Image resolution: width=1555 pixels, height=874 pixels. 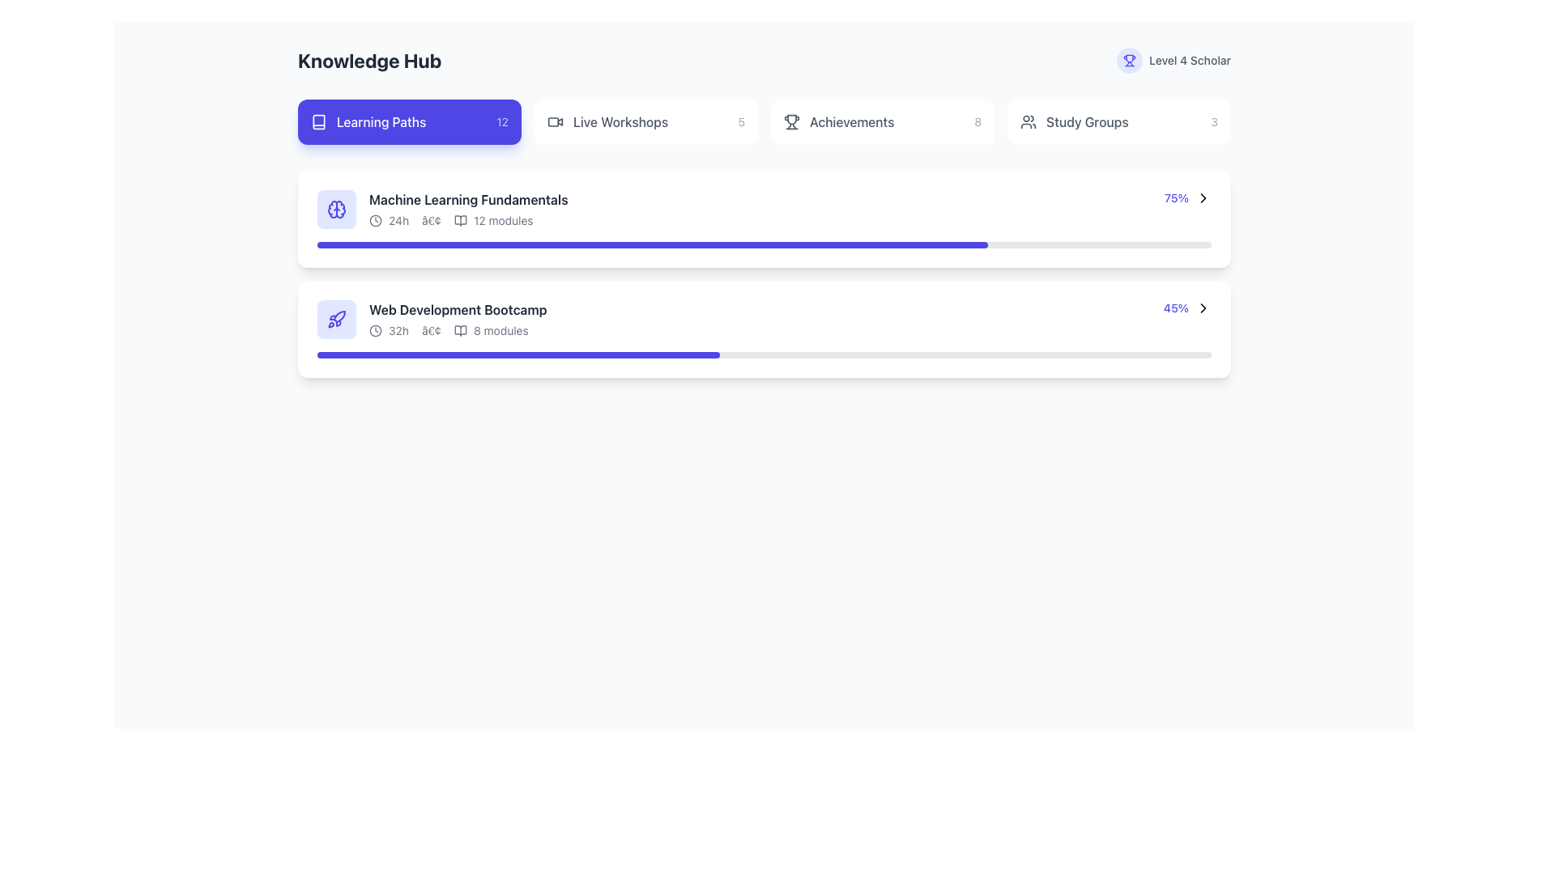 I want to click on the Grouped content block that combines an icon and text, which serves as a navigational link to 'Learning Paths', so click(x=368, y=121).